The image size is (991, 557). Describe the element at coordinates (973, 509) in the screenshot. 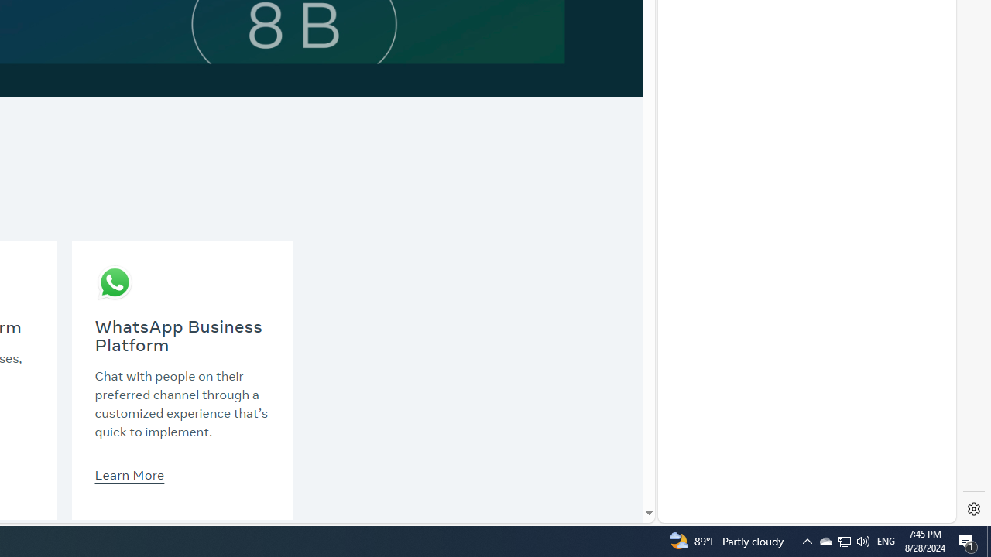

I see `'Settings'` at that location.